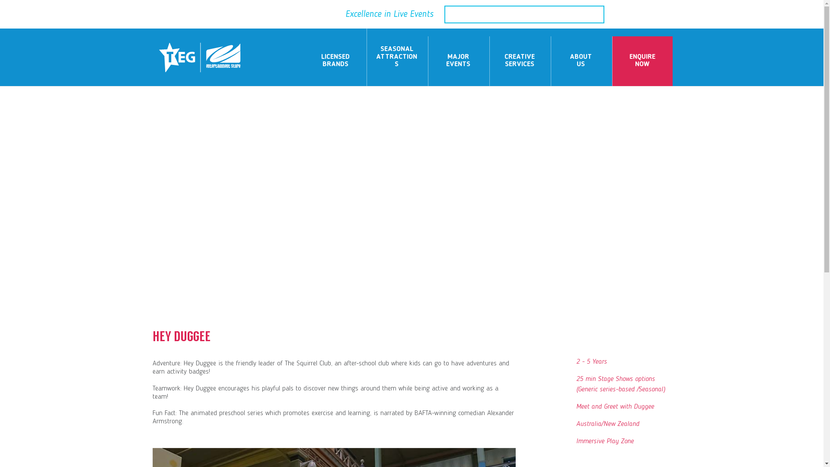  I want to click on 'SEASONAL ATTRACTIONS', so click(396, 57).